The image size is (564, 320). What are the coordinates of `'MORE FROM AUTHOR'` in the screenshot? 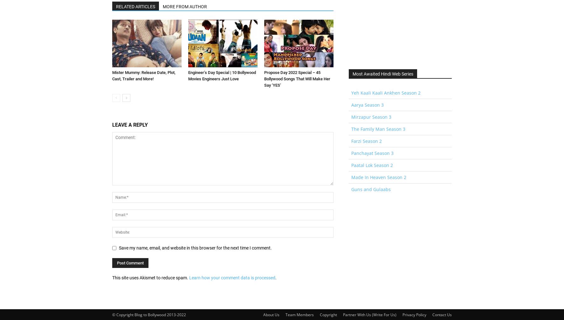 It's located at (184, 6).